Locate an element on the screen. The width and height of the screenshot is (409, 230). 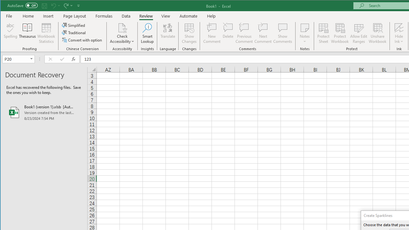
'Undo' is located at coordinates (55, 5).